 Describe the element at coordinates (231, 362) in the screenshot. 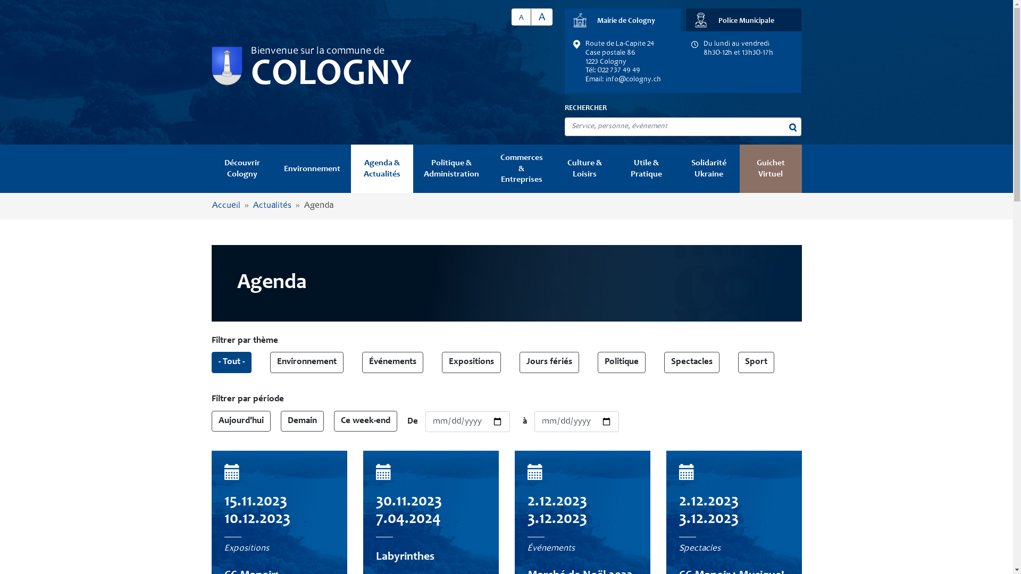

I see `'- Tout -'` at that location.